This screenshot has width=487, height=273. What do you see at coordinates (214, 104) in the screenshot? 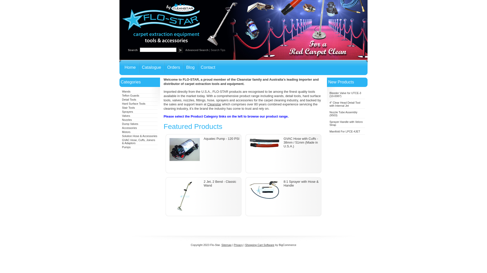
I see `'Cleanstar'` at bounding box center [214, 104].